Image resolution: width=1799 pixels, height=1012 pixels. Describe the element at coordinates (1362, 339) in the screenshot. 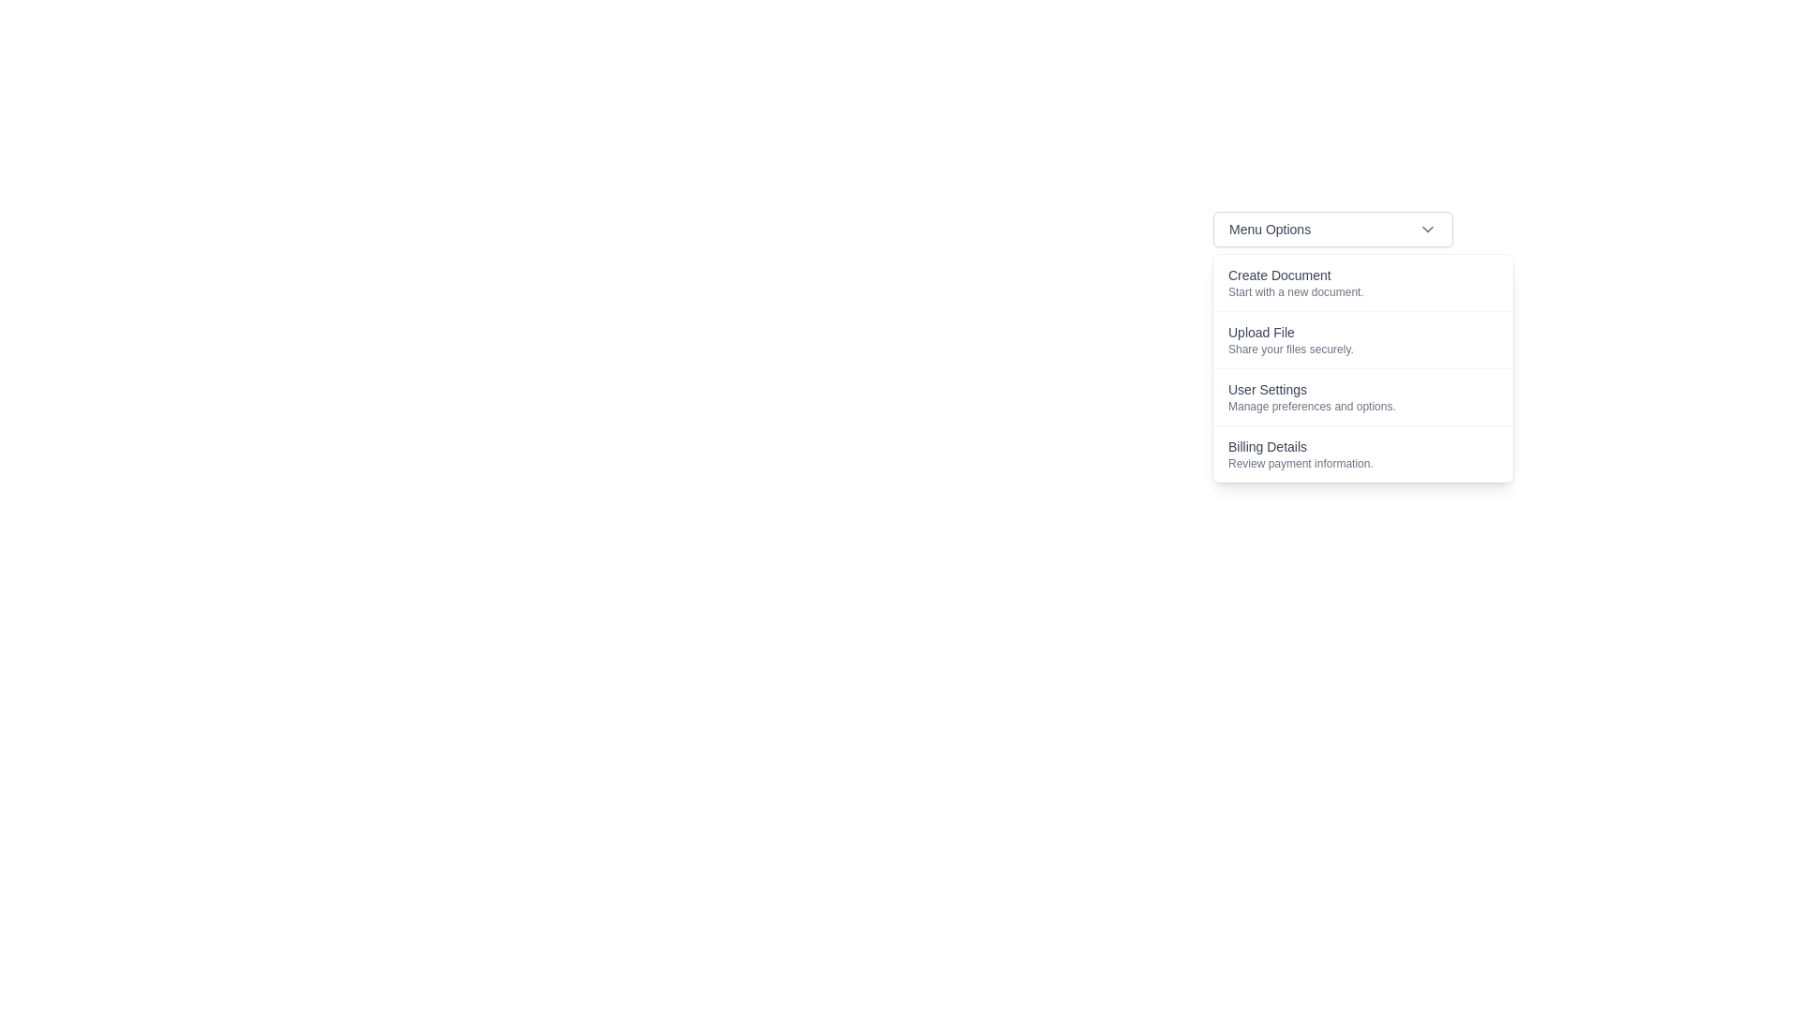

I see `the 'Upload File' menu option, which is the second item in the dropdown menu` at that location.